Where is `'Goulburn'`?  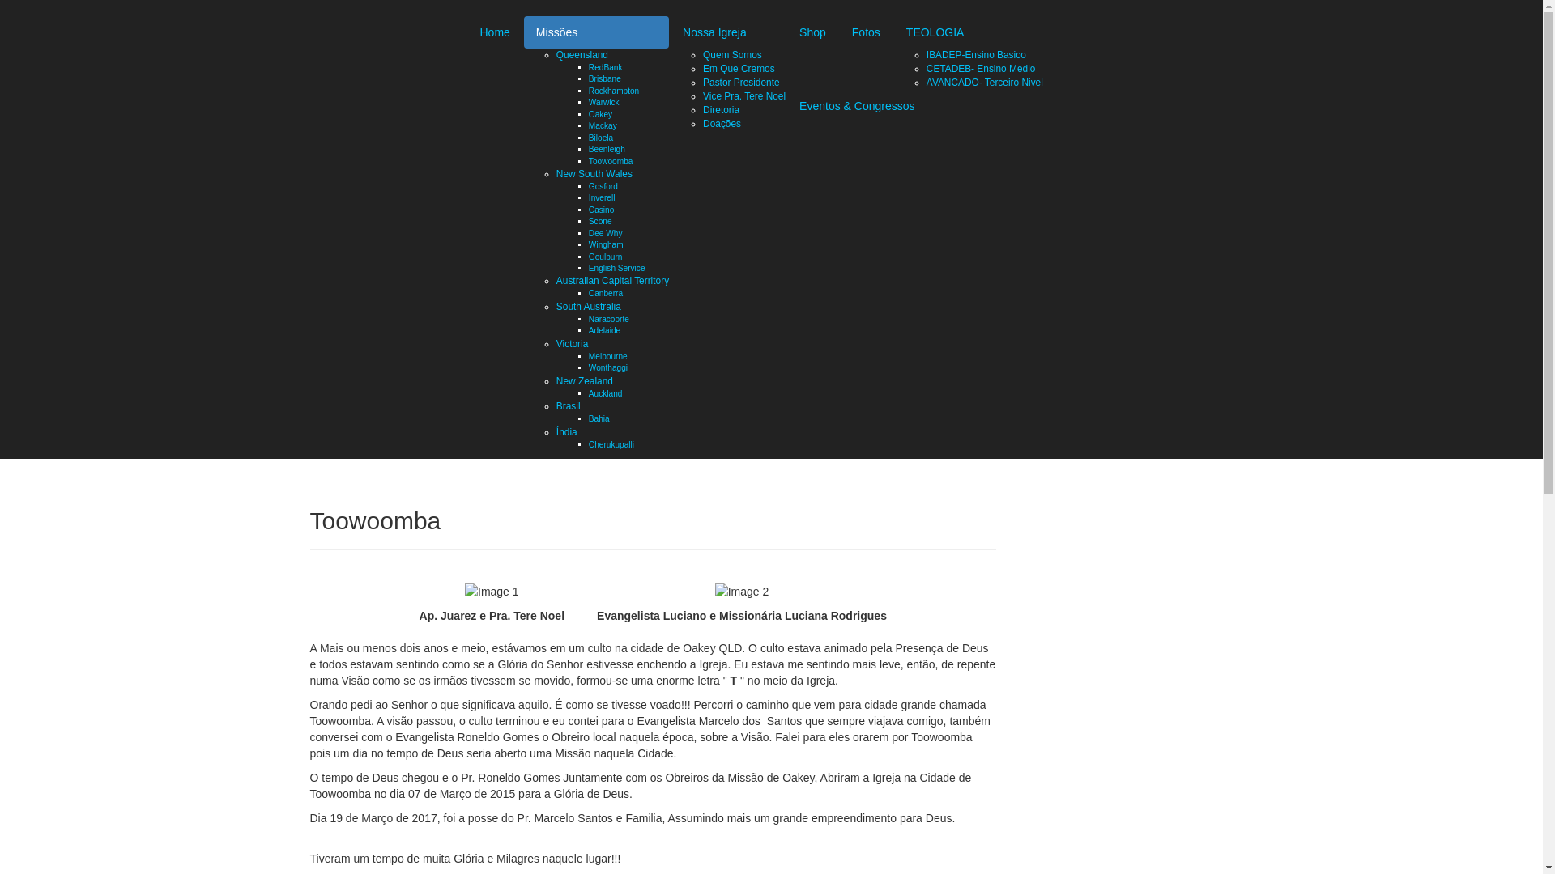 'Goulburn' is located at coordinates (587, 256).